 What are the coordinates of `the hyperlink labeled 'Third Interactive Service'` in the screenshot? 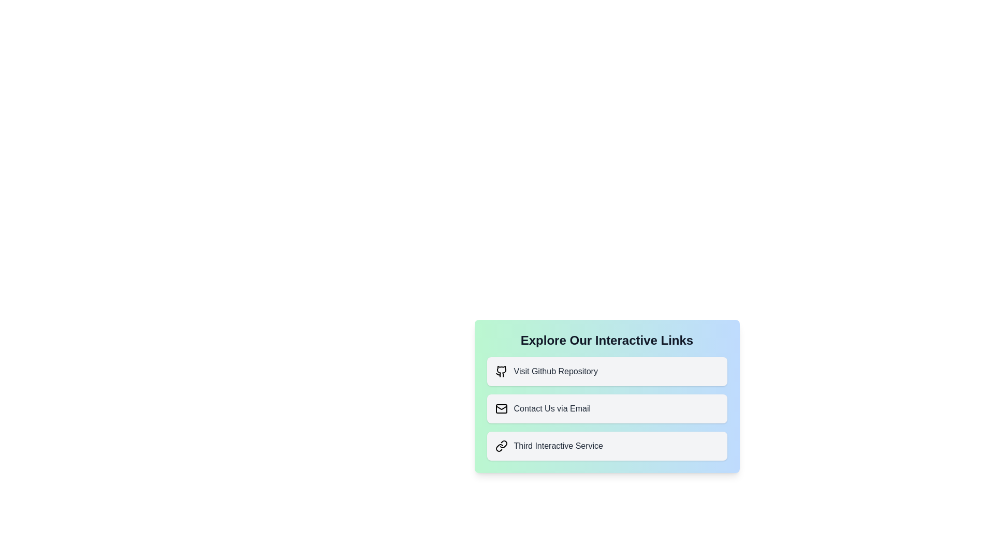 It's located at (607, 445).